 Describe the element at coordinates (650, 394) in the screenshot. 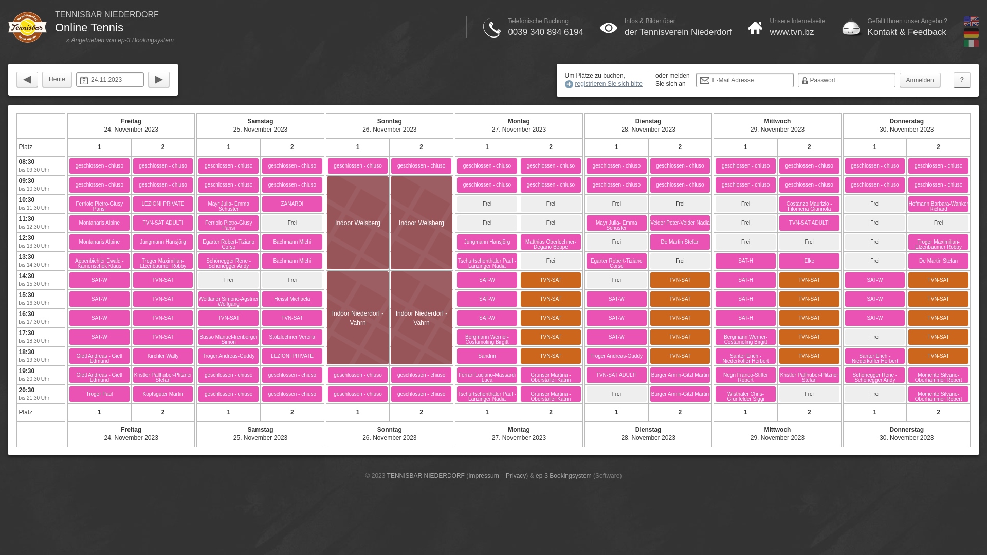

I see `'Burger Armin-Gitzl Martin'` at that location.